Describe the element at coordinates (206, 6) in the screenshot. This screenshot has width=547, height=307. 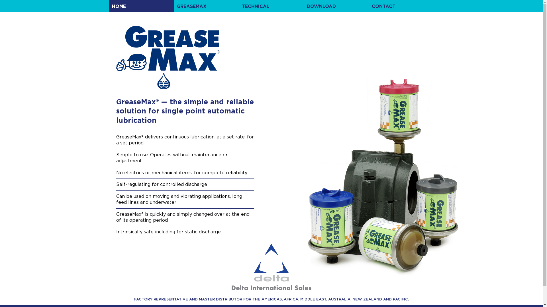
I see `'GREASEMAX'` at that location.